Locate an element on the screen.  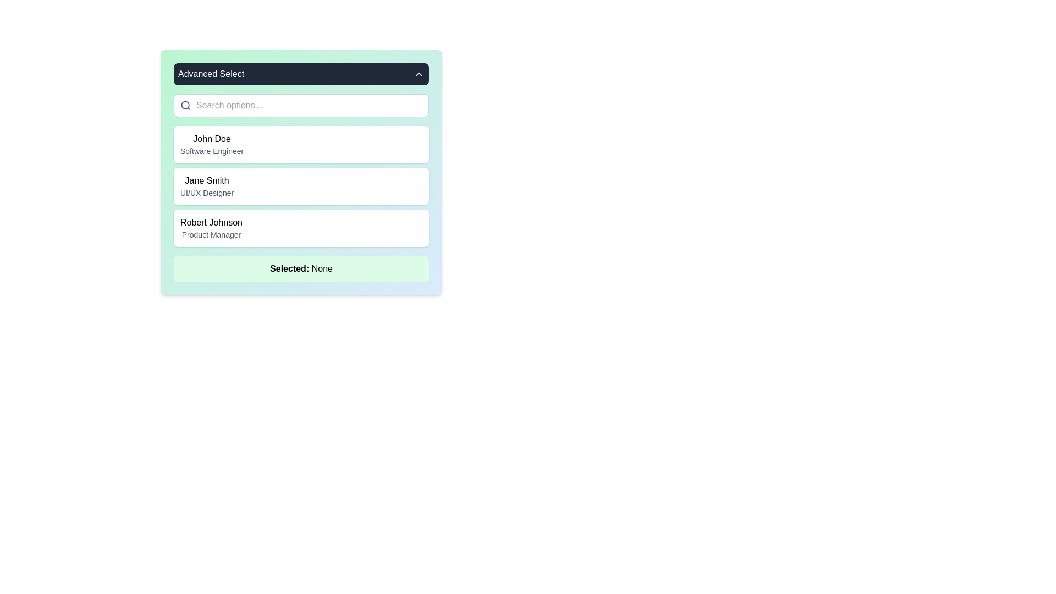
the SVG circle component that represents the lens of the magnifying glass icon in the search bar, located near the top of the interface below the 'Advanced Select' label is located at coordinates (185, 105).